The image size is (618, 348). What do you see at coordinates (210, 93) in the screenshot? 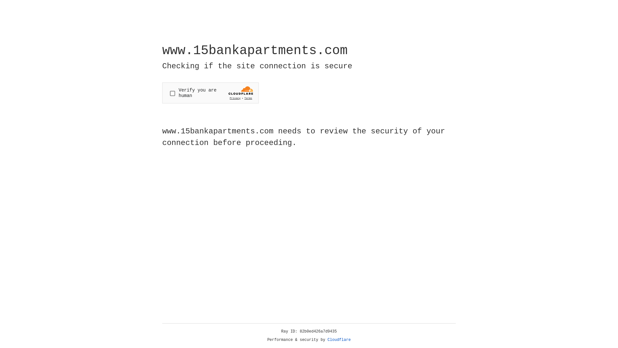
I see `'Widget containing a Cloudflare security challenge'` at bounding box center [210, 93].